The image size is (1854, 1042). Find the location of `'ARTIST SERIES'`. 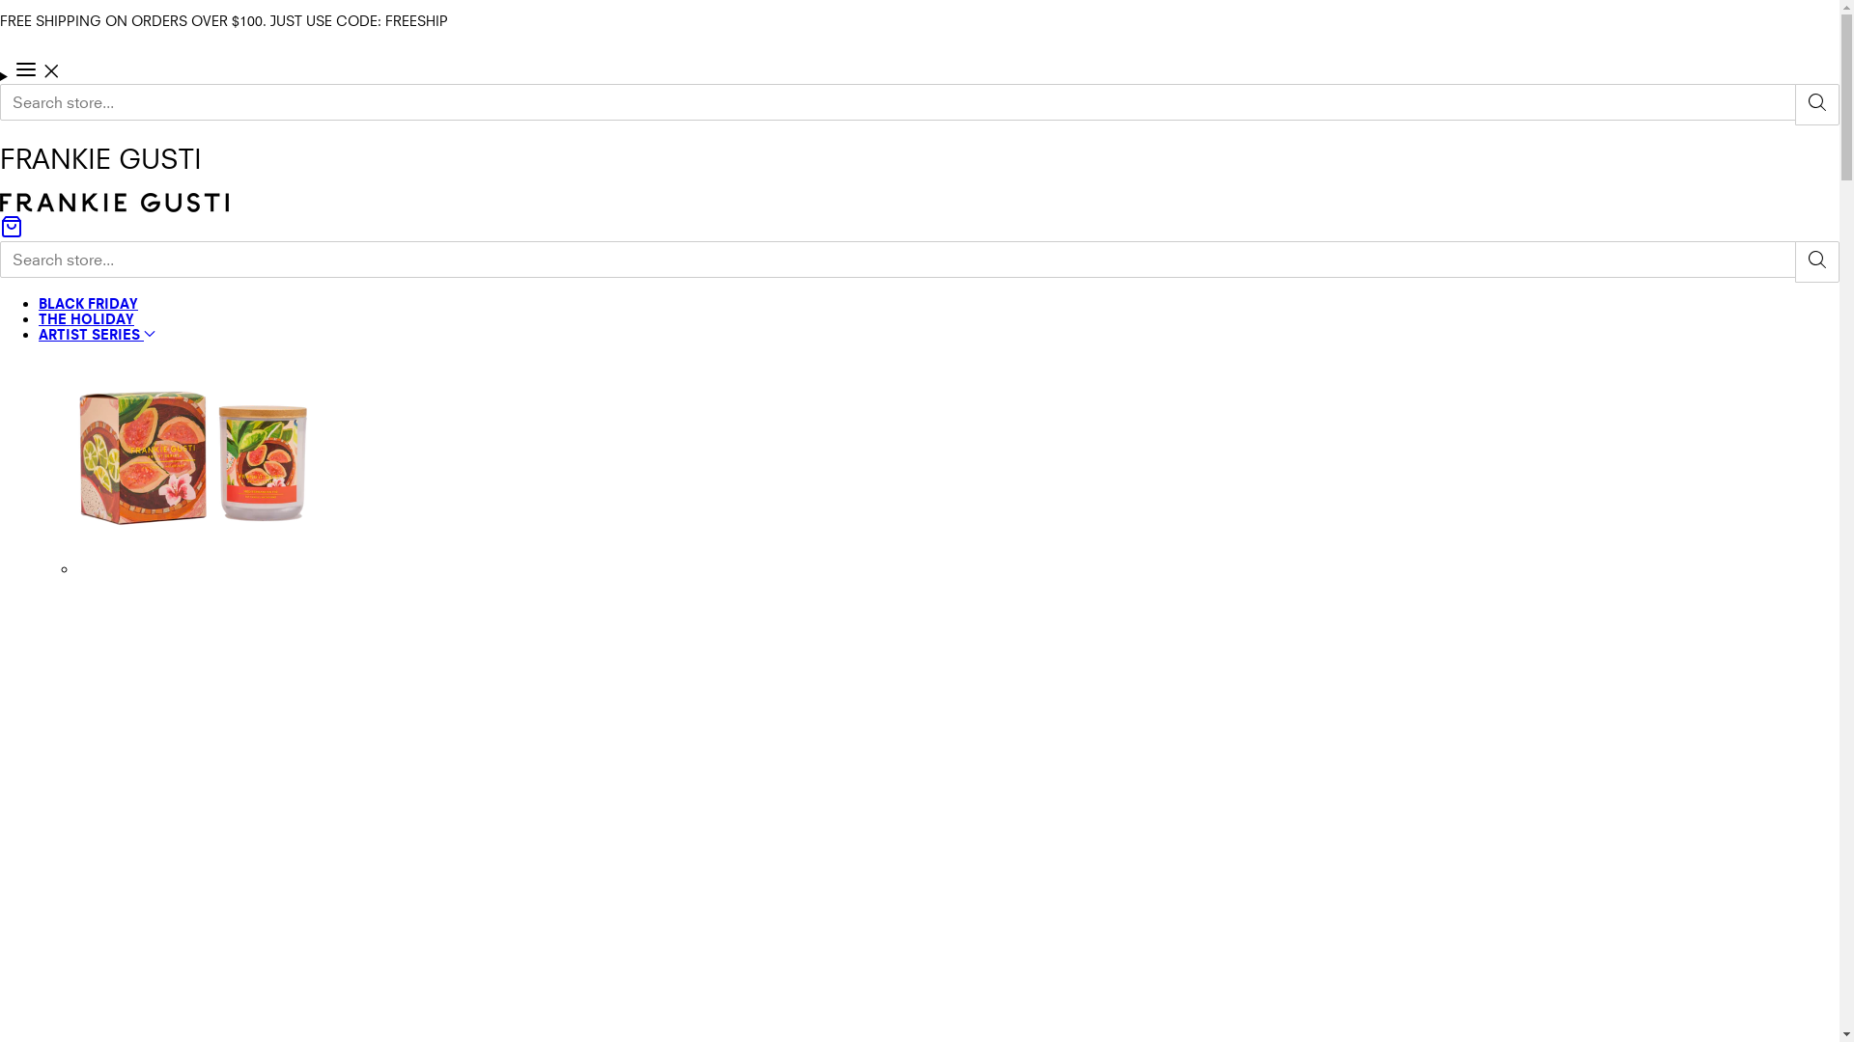

'ARTIST SERIES' is located at coordinates (96, 333).